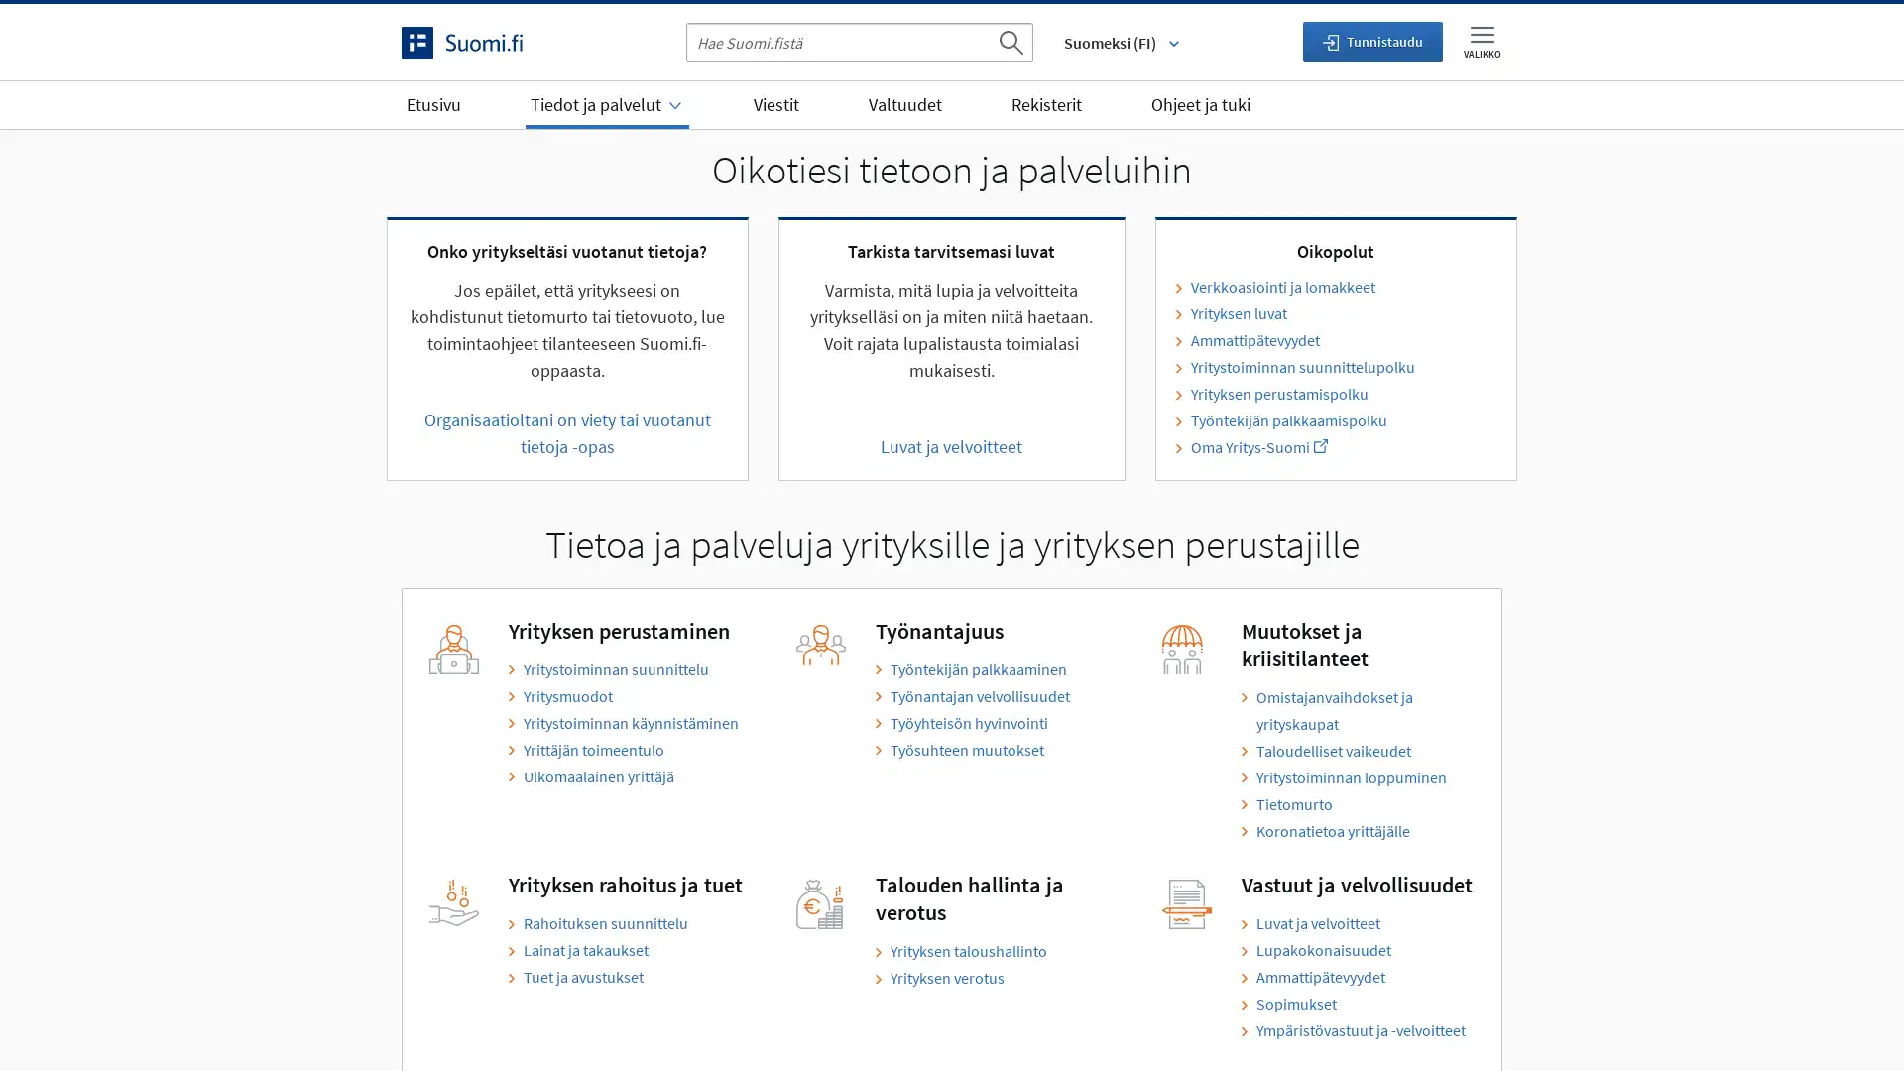 Image resolution: width=1904 pixels, height=1071 pixels. I want to click on Hae, so click(1010, 42).